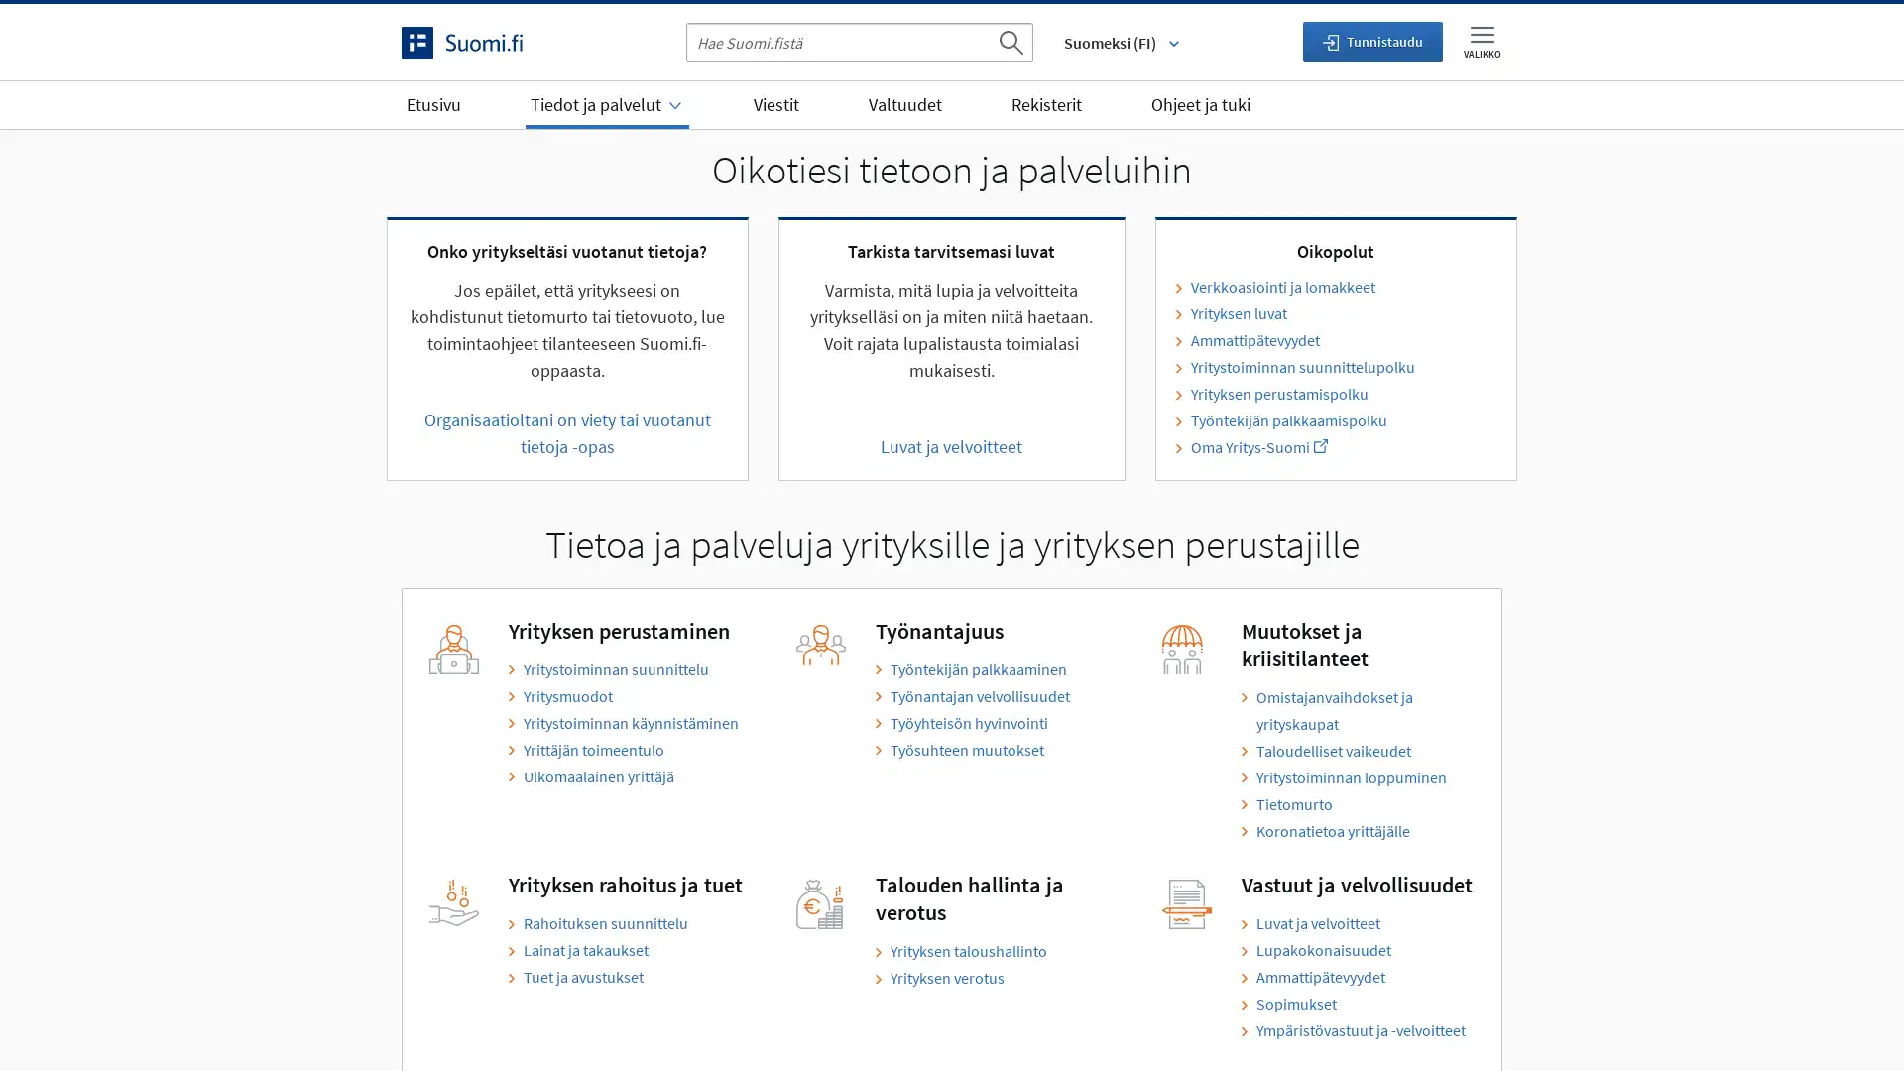 Image resolution: width=1904 pixels, height=1071 pixels. I want to click on Hae, so click(1010, 42).